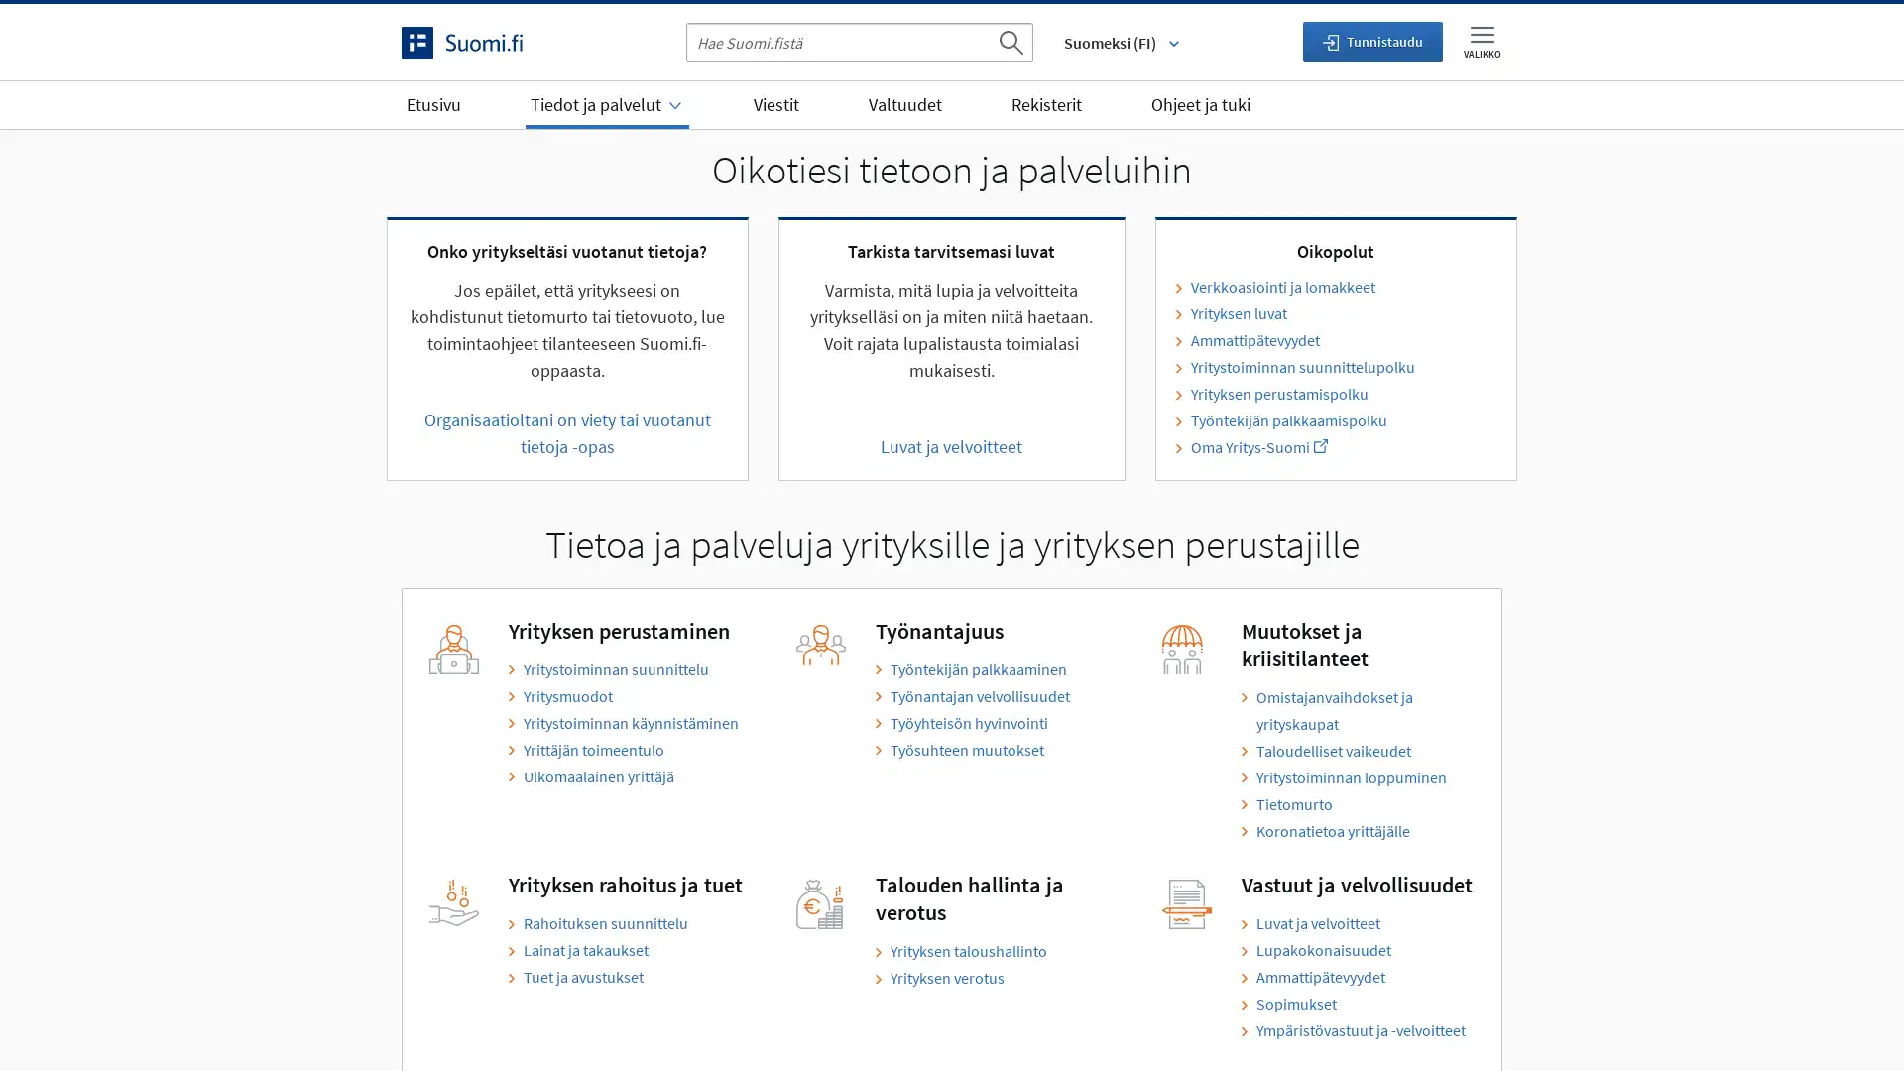 Image resolution: width=1904 pixels, height=1071 pixels. I want to click on Hae, so click(1010, 42).